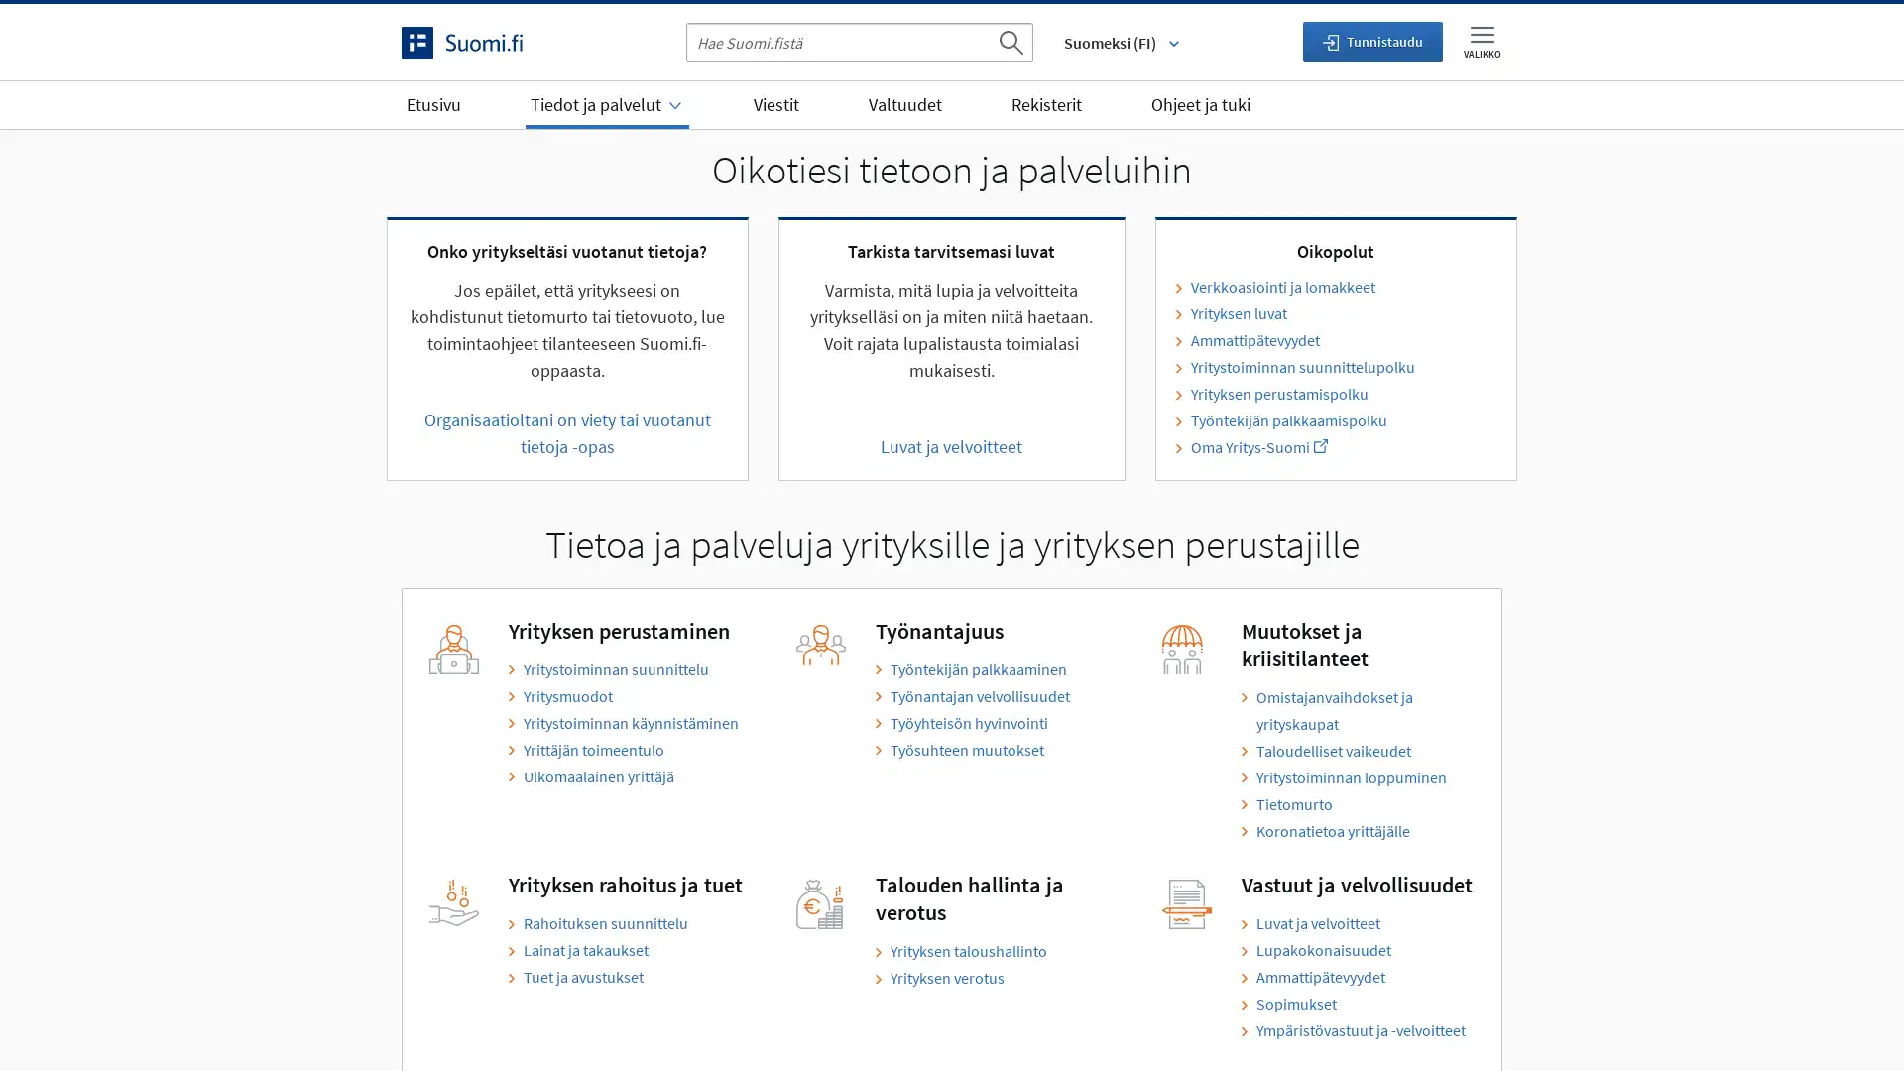 Image resolution: width=1904 pixels, height=1071 pixels. I want to click on Hae, so click(1010, 42).